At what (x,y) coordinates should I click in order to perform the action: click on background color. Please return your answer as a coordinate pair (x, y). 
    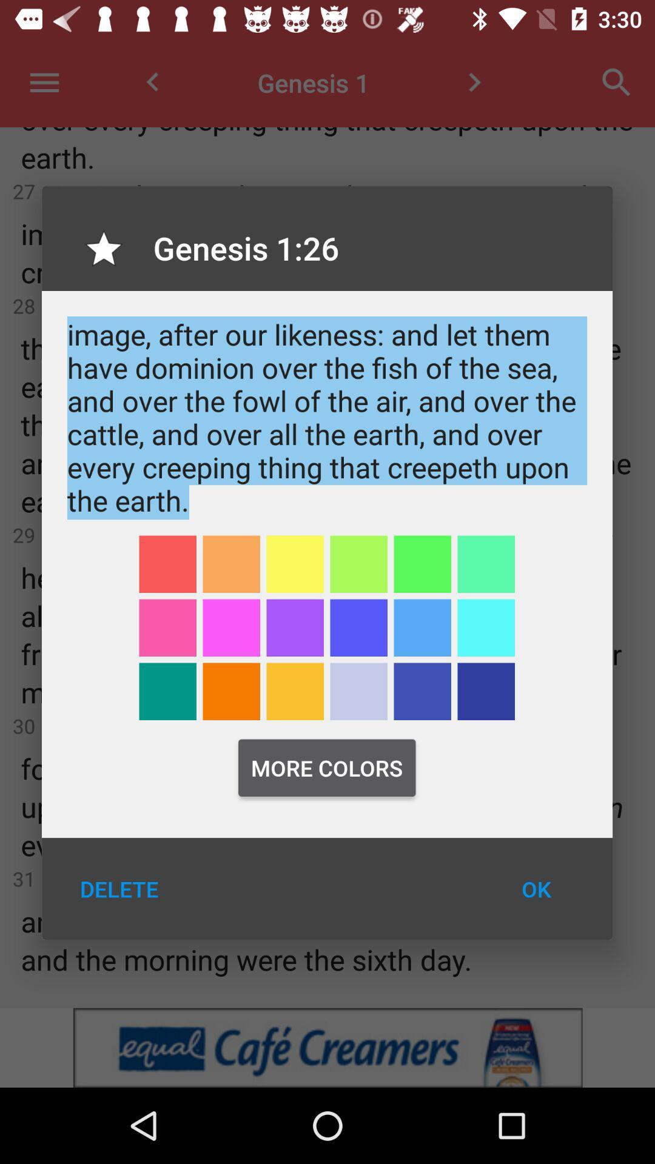
    Looking at the image, I should click on (422, 563).